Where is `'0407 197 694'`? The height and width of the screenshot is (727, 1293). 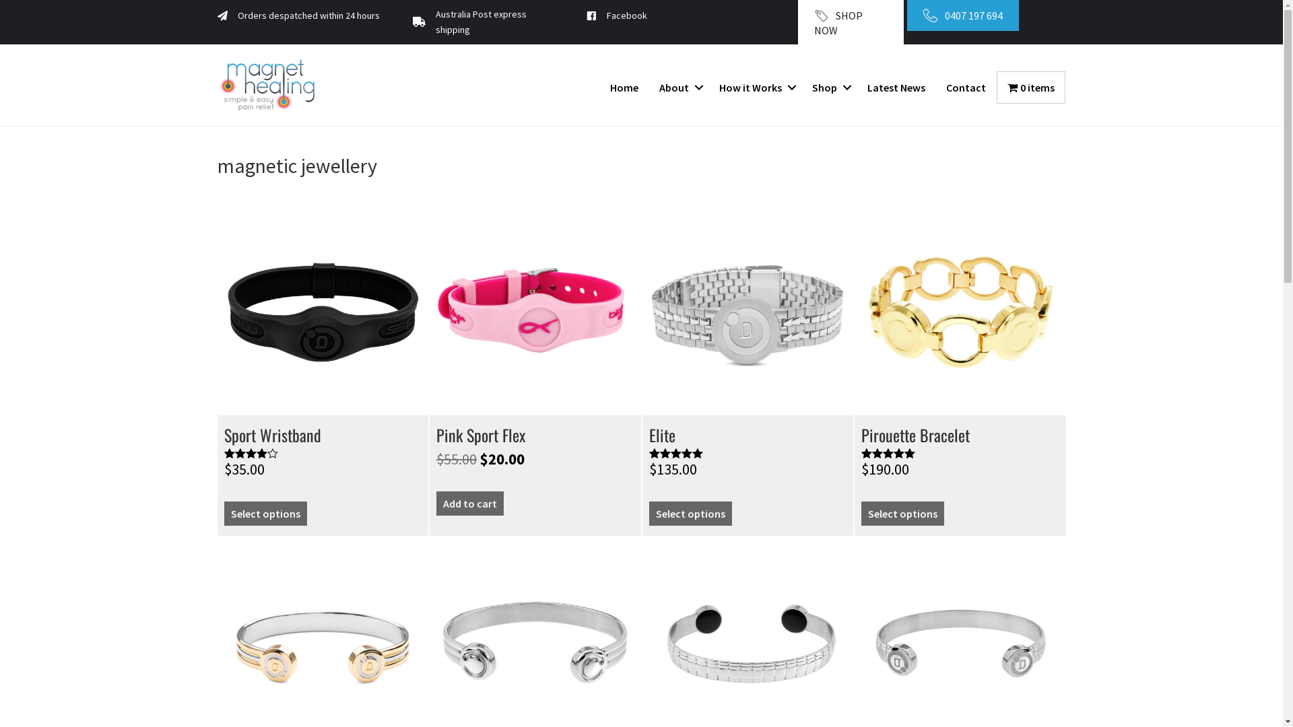
'0407 197 694' is located at coordinates (907, 15).